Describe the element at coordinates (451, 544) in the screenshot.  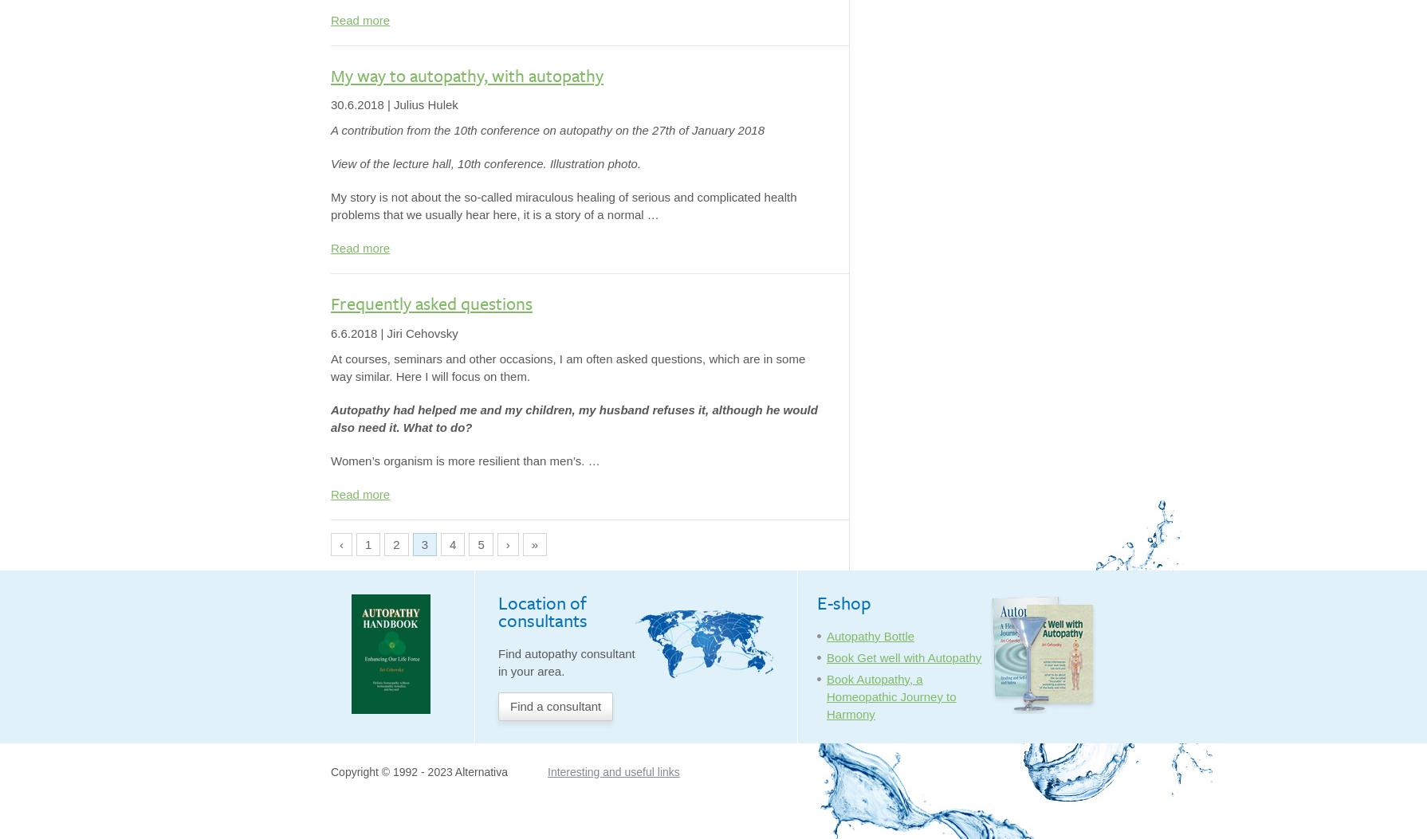
I see `'4'` at that location.